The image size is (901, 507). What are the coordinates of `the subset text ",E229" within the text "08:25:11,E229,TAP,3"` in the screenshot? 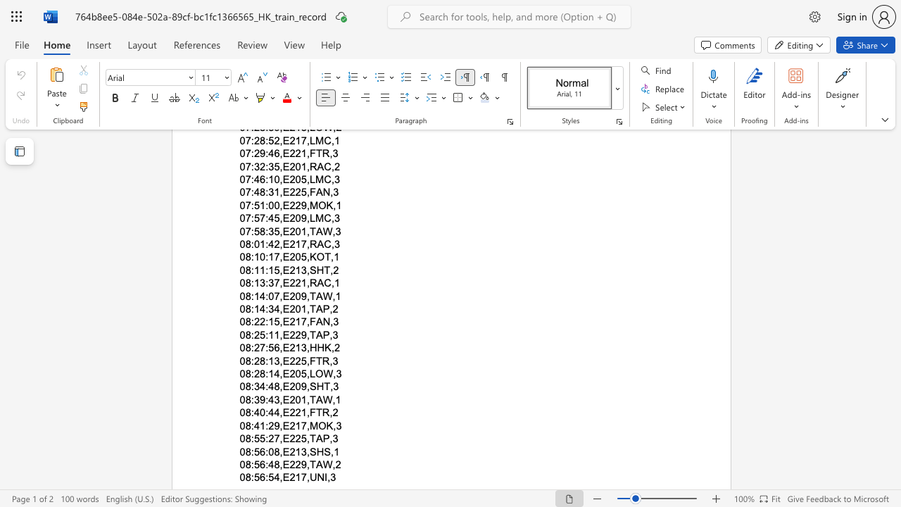 It's located at (279, 334).